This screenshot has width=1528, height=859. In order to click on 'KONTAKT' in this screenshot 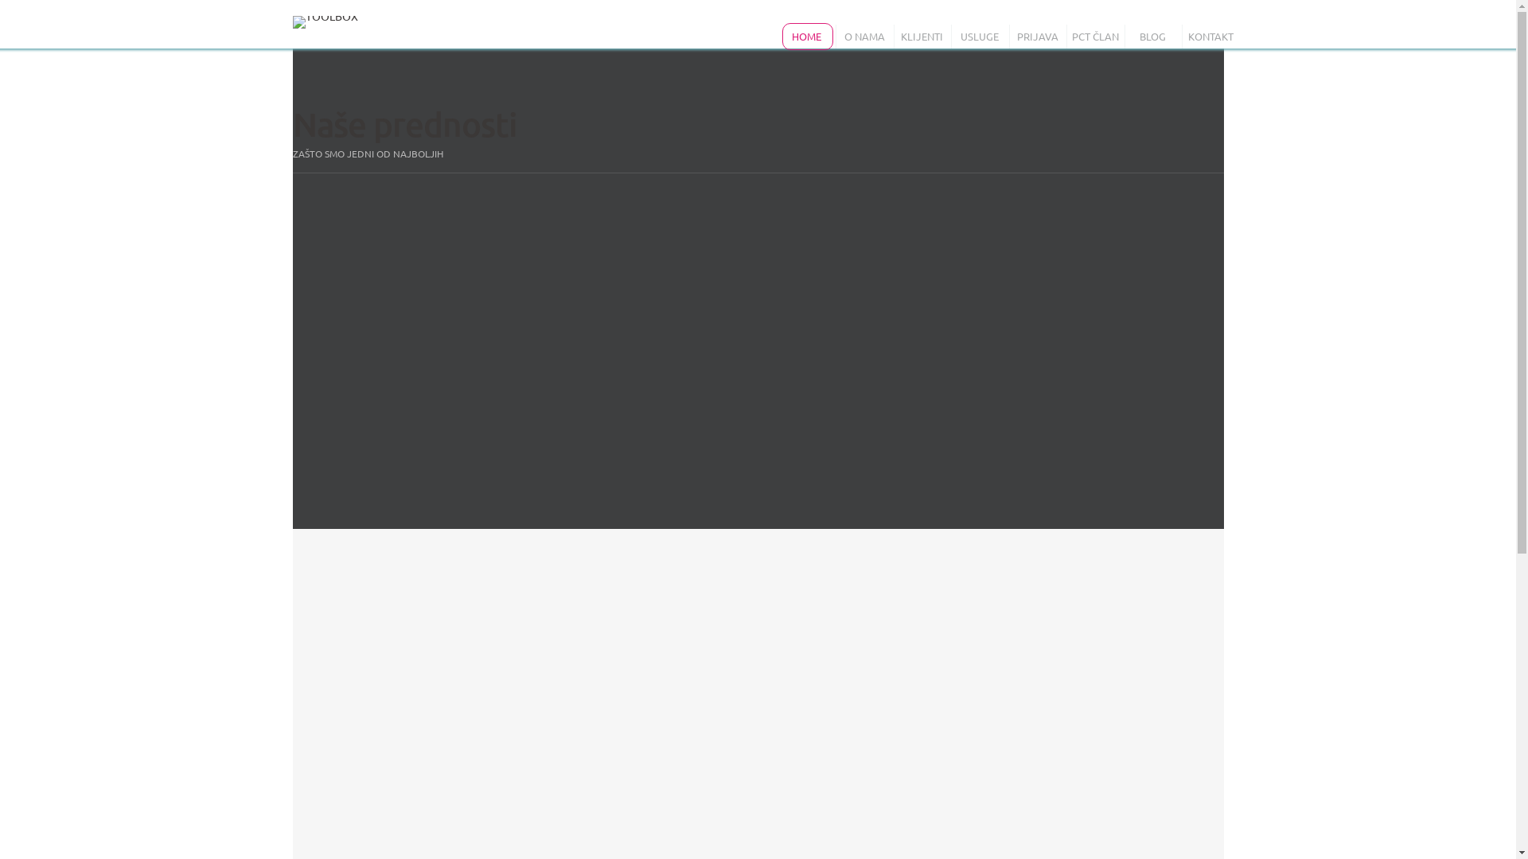, I will do `click(1185, 36)`.